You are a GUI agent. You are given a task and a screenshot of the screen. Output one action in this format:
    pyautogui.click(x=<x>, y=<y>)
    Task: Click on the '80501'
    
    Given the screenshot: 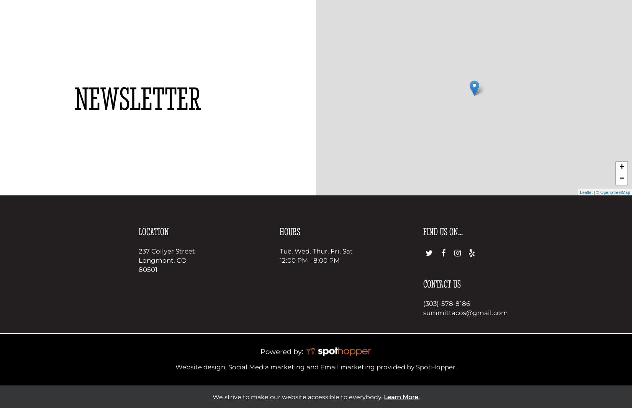 What is the action you would take?
    pyautogui.click(x=147, y=269)
    